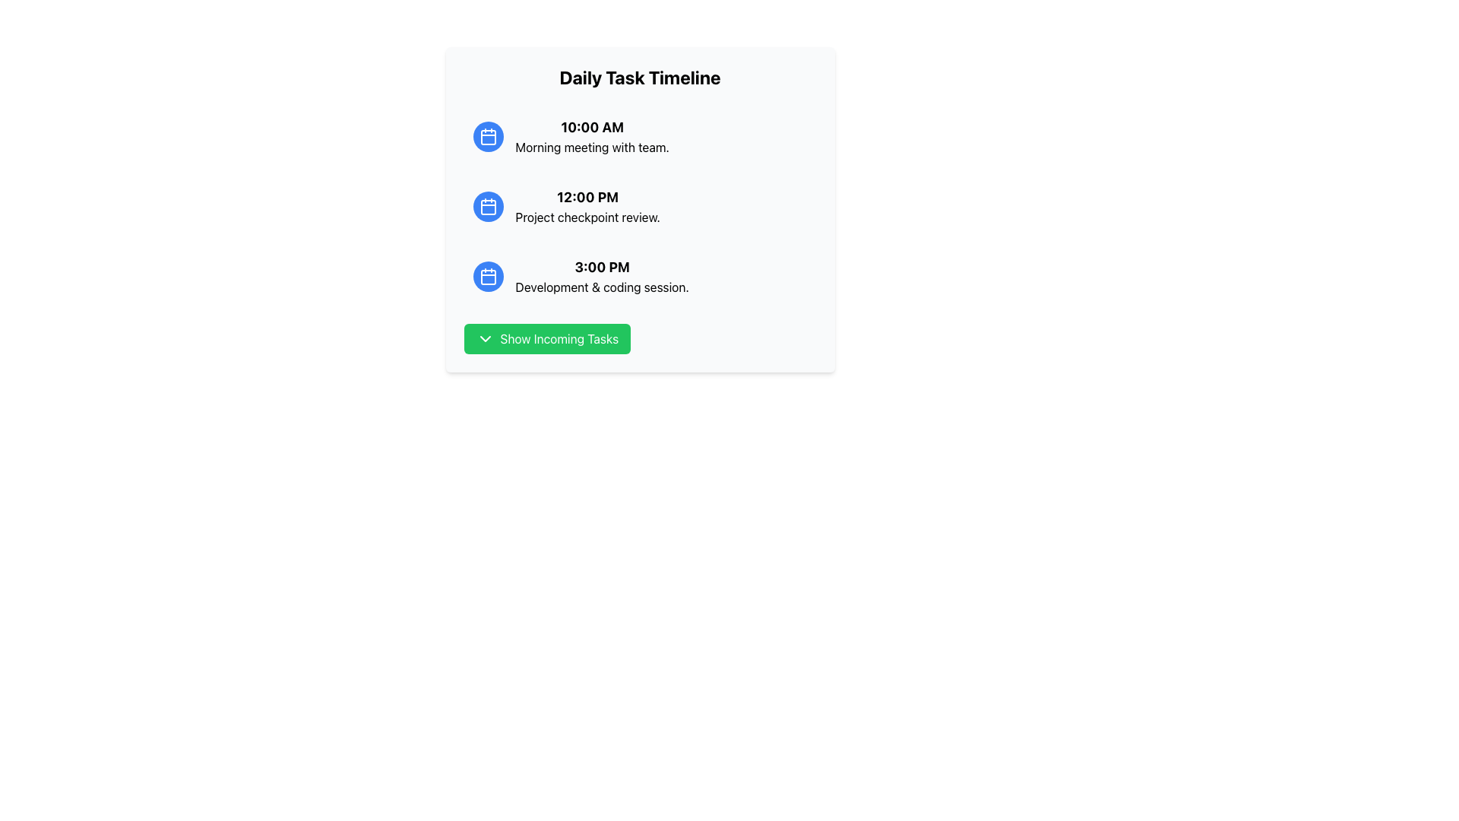 This screenshot has height=821, width=1459. I want to click on the first timestamp label in the Daily Task Timeline card, which is positioned above the 'Morning meeting with team' text and aligned with the blue icon, so click(591, 126).